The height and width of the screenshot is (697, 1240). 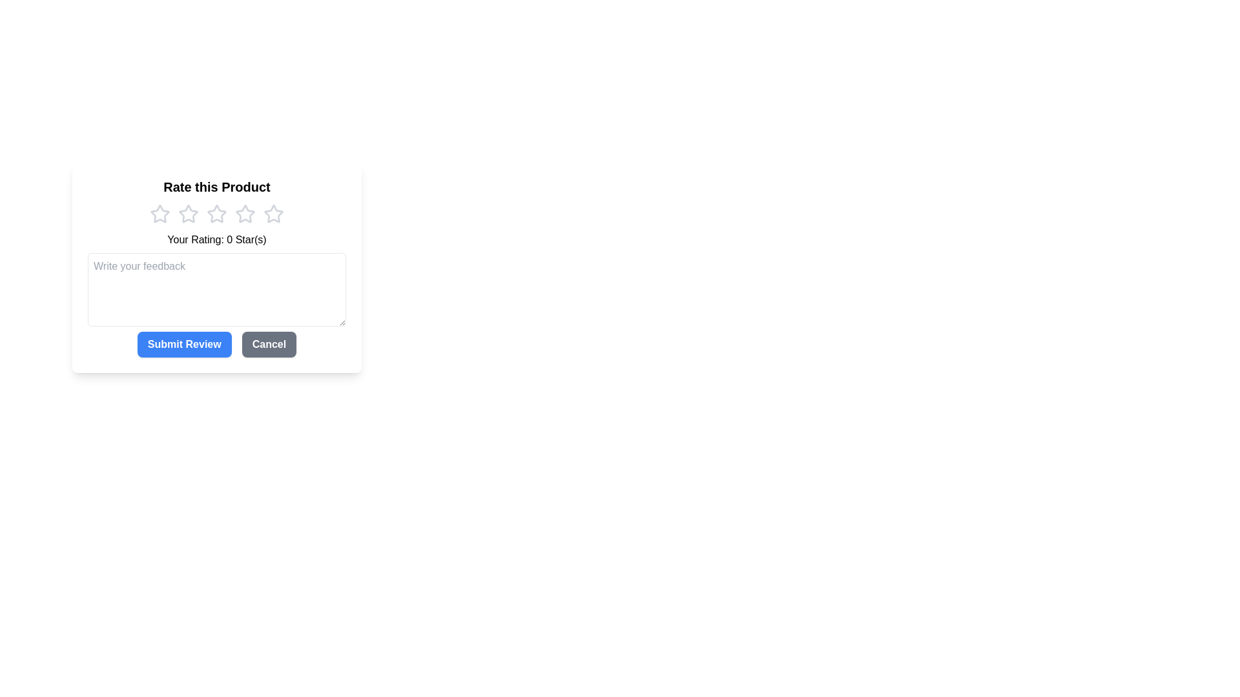 I want to click on the first gray star icon in the rating and review section, so click(x=160, y=213).